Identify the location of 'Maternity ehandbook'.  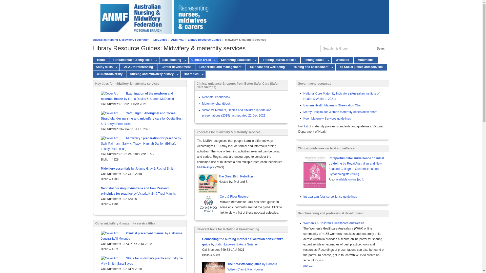
(216, 103).